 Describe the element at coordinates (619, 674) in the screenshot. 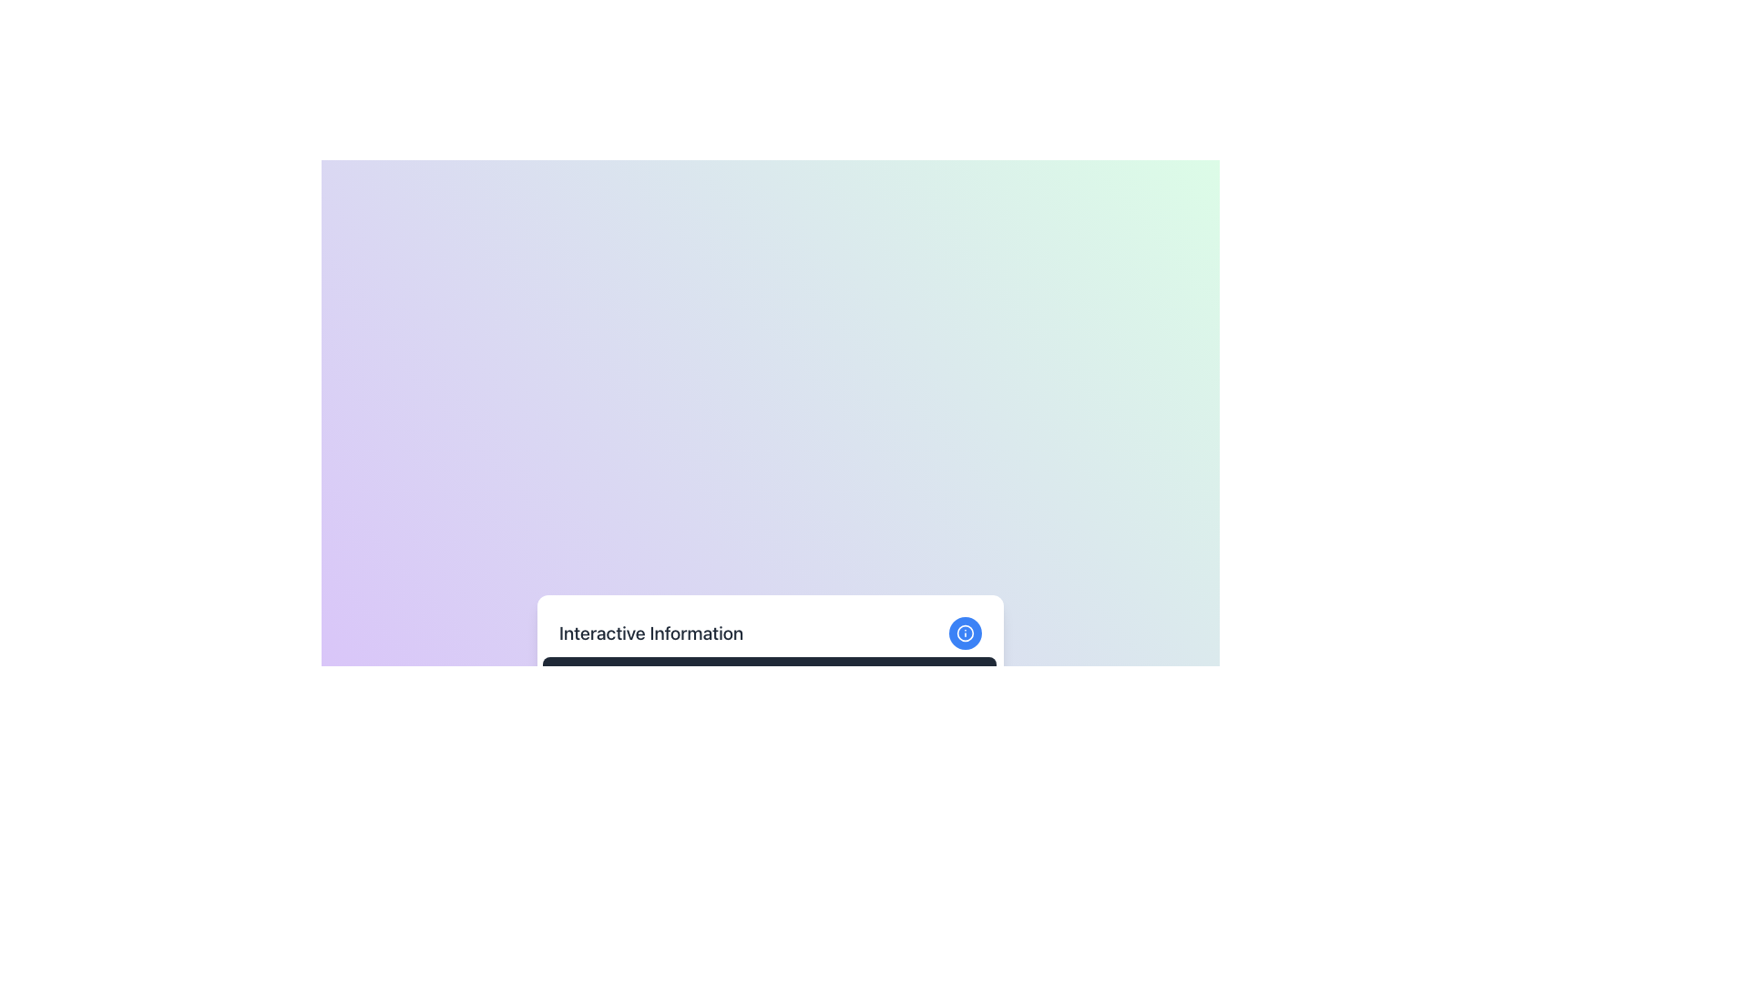

I see `the 'Expand Details' button located beneath the 'Interactive Information' text block` at that location.